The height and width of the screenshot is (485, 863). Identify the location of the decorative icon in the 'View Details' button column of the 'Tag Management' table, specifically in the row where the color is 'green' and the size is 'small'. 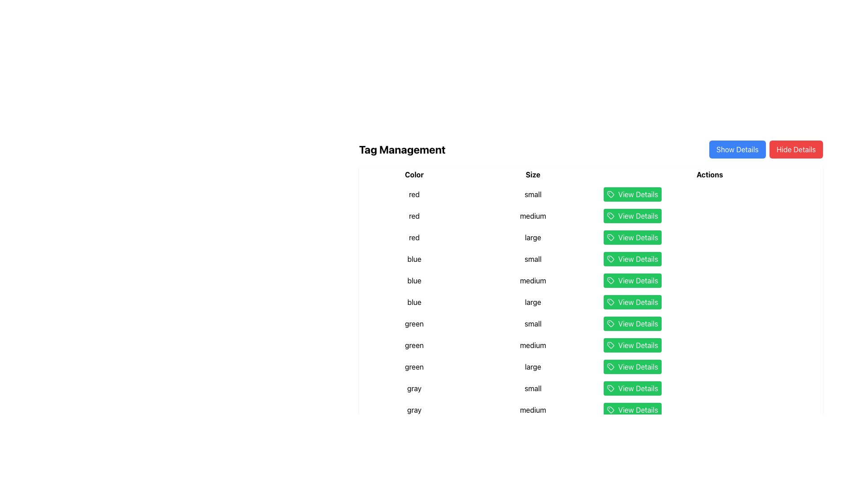
(611, 324).